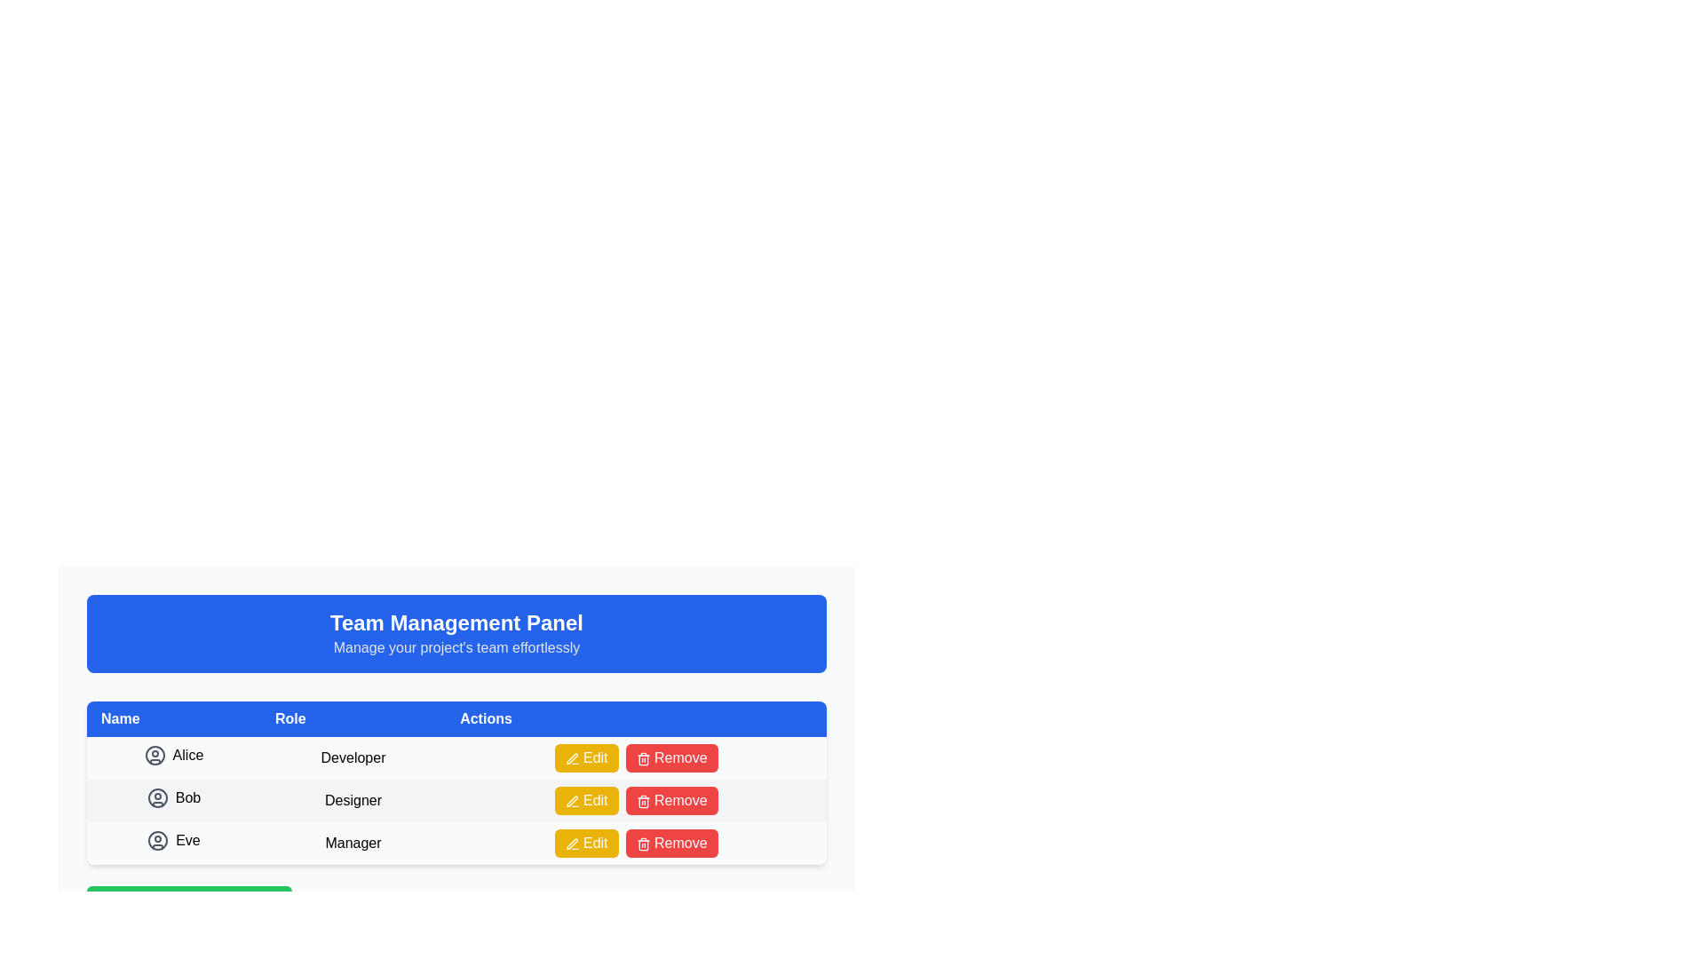 The image size is (1705, 959). Describe the element at coordinates (174, 755) in the screenshot. I see `the inline-flex element containing the user profile icon and the name 'Alice'` at that location.